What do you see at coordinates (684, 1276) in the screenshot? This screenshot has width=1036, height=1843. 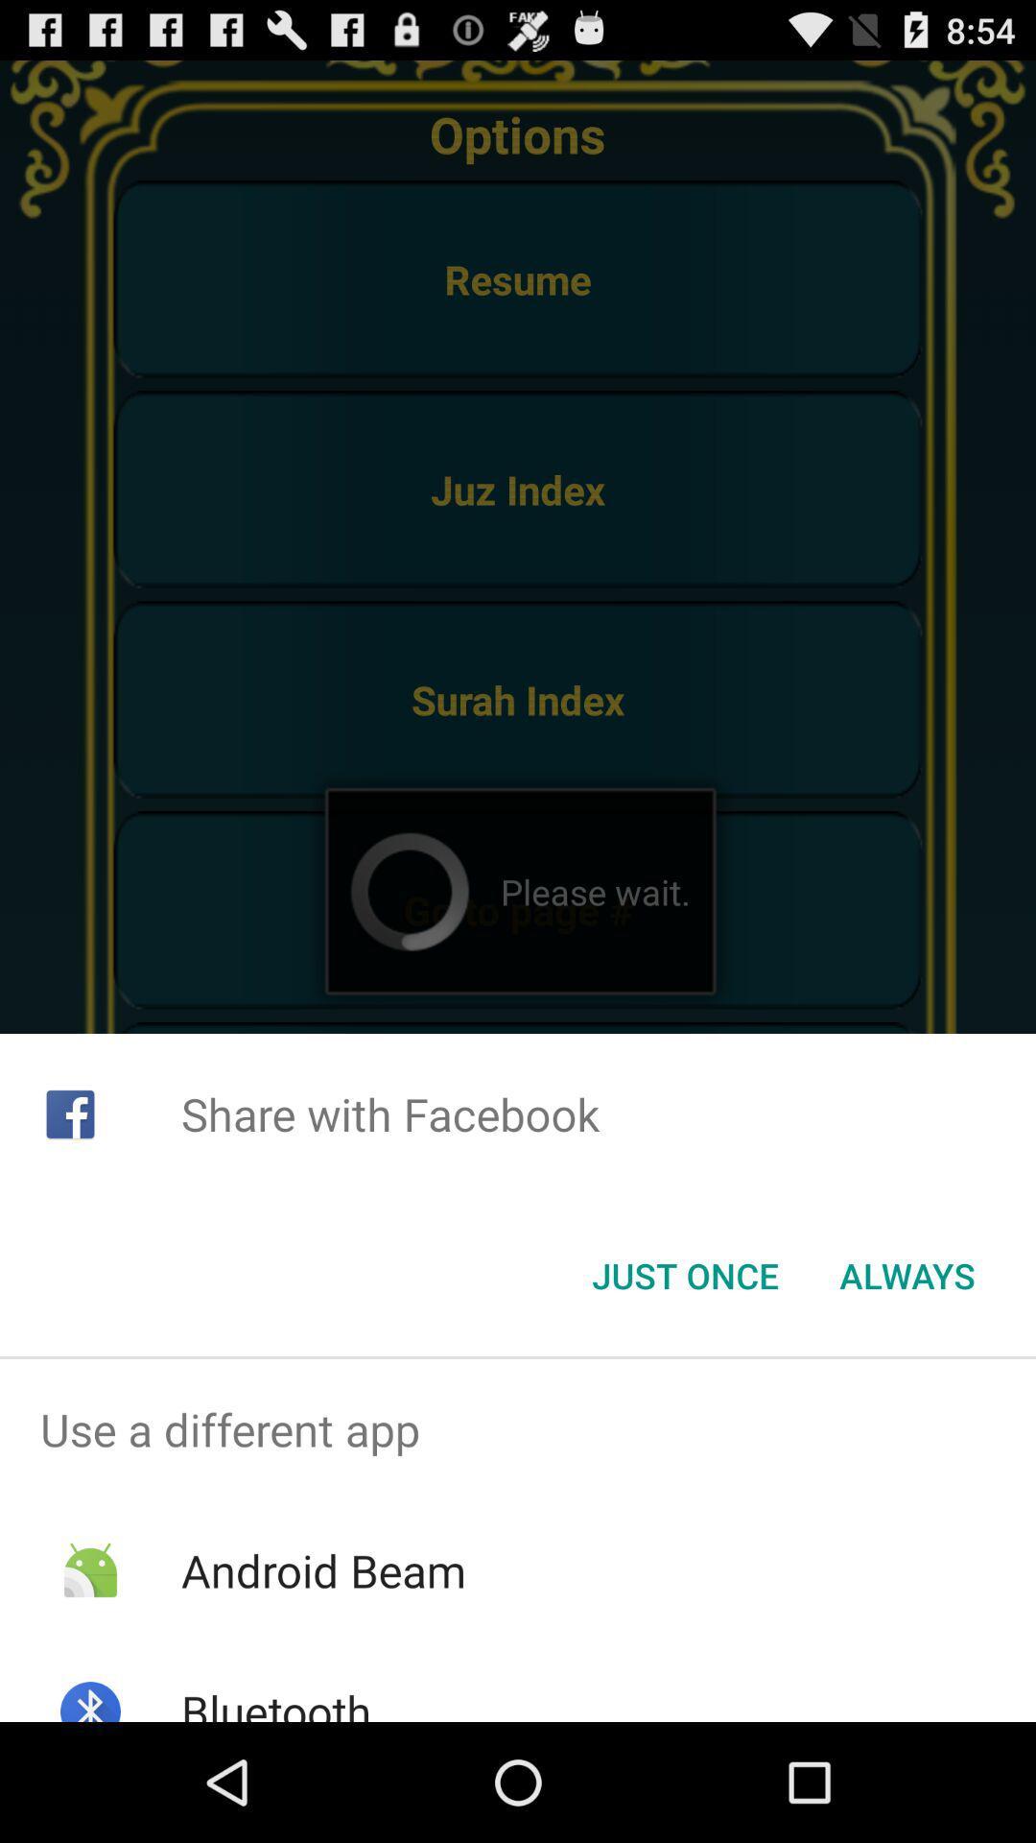 I see `icon below the share with facebook` at bounding box center [684, 1276].